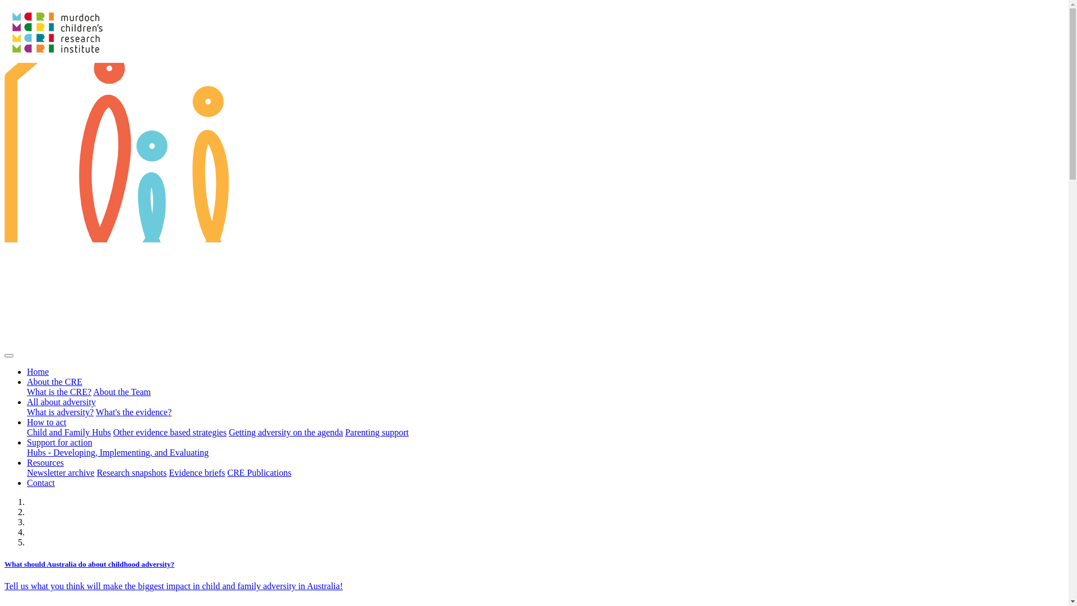 The width and height of the screenshot is (1077, 606). Describe the element at coordinates (68, 431) in the screenshot. I see `'Child and Family Hubs'` at that location.